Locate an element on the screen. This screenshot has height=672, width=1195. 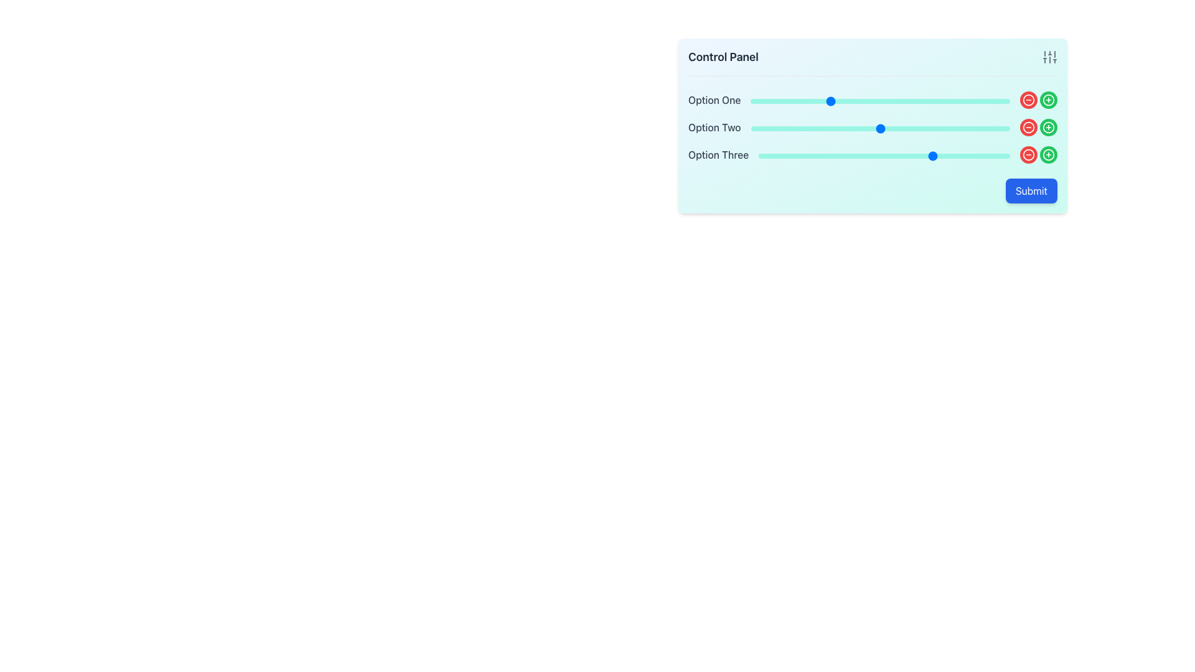
the slider for 'Option Three' is located at coordinates (914, 155).